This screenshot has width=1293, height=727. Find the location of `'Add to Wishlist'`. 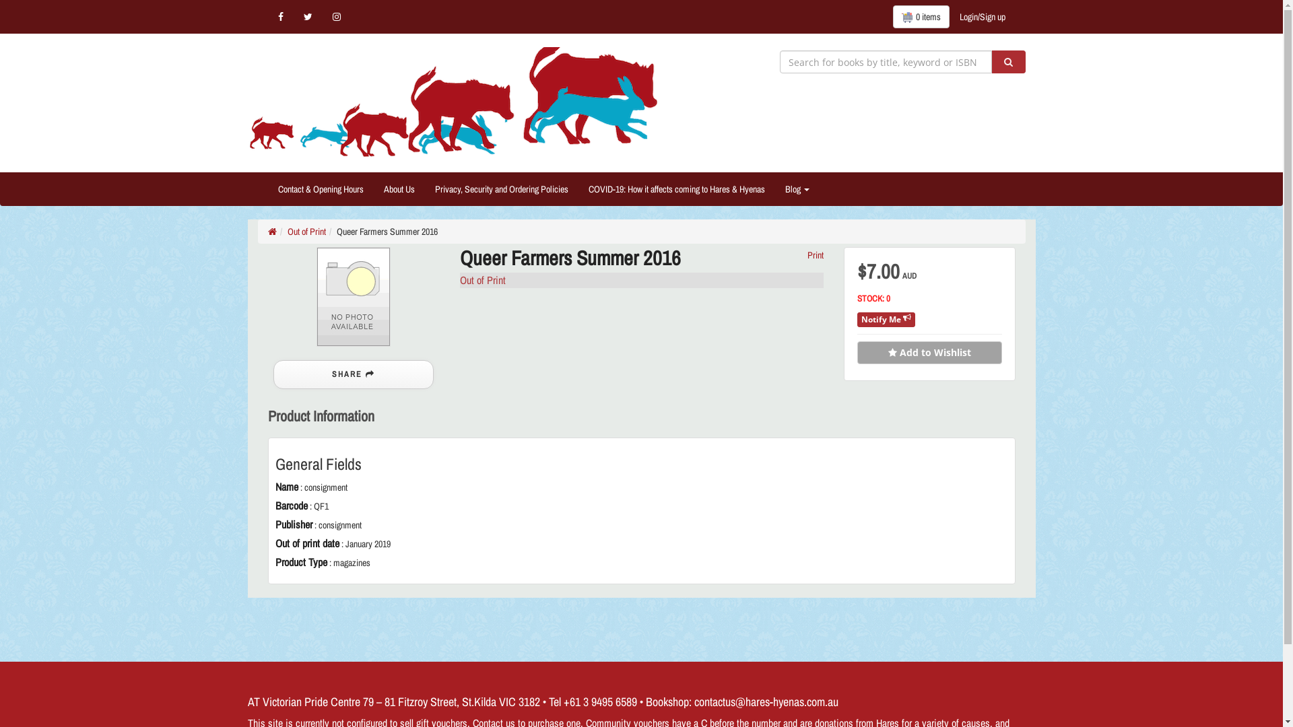

'Add to Wishlist' is located at coordinates (928, 352).